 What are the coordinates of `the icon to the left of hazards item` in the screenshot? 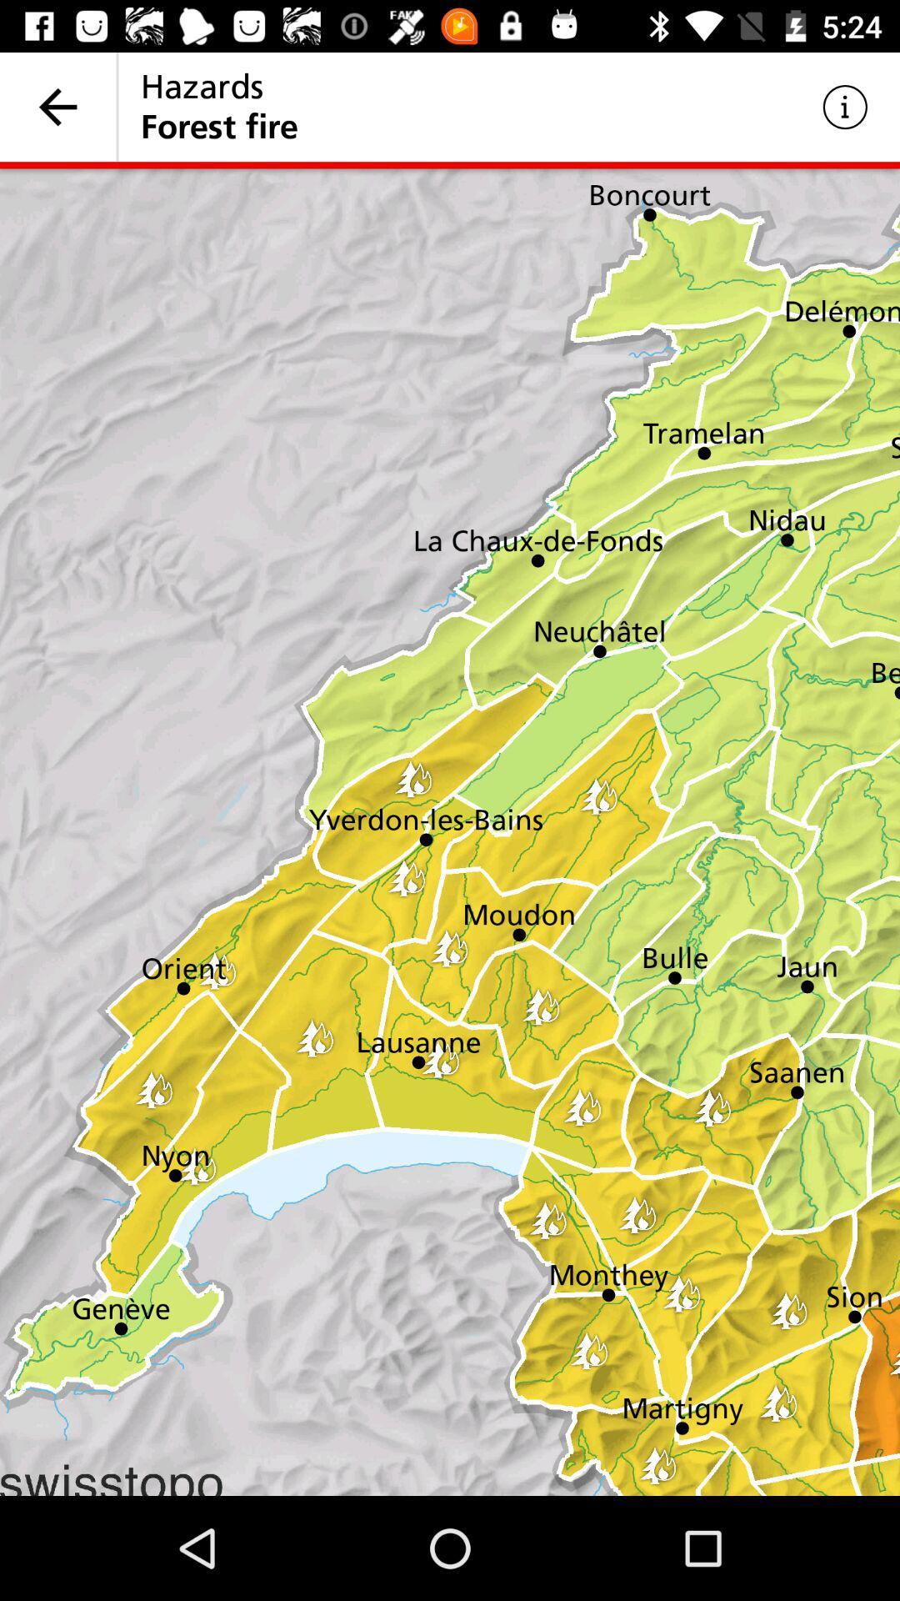 It's located at (57, 106).